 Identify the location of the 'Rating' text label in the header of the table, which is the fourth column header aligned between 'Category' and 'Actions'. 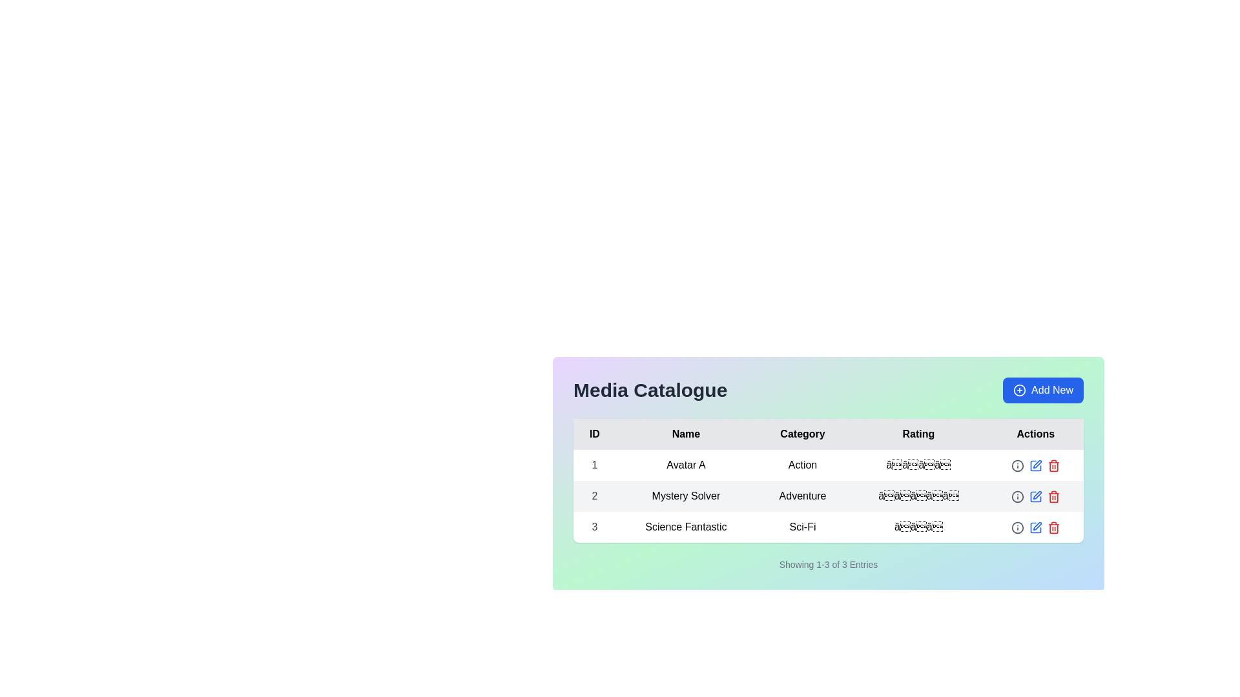
(918, 434).